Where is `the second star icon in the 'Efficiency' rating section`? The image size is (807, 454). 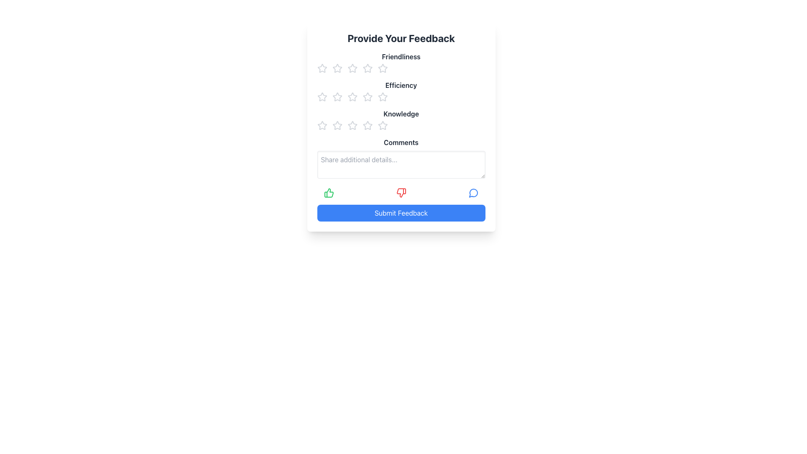
the second star icon in the 'Efficiency' rating section is located at coordinates (337, 97).